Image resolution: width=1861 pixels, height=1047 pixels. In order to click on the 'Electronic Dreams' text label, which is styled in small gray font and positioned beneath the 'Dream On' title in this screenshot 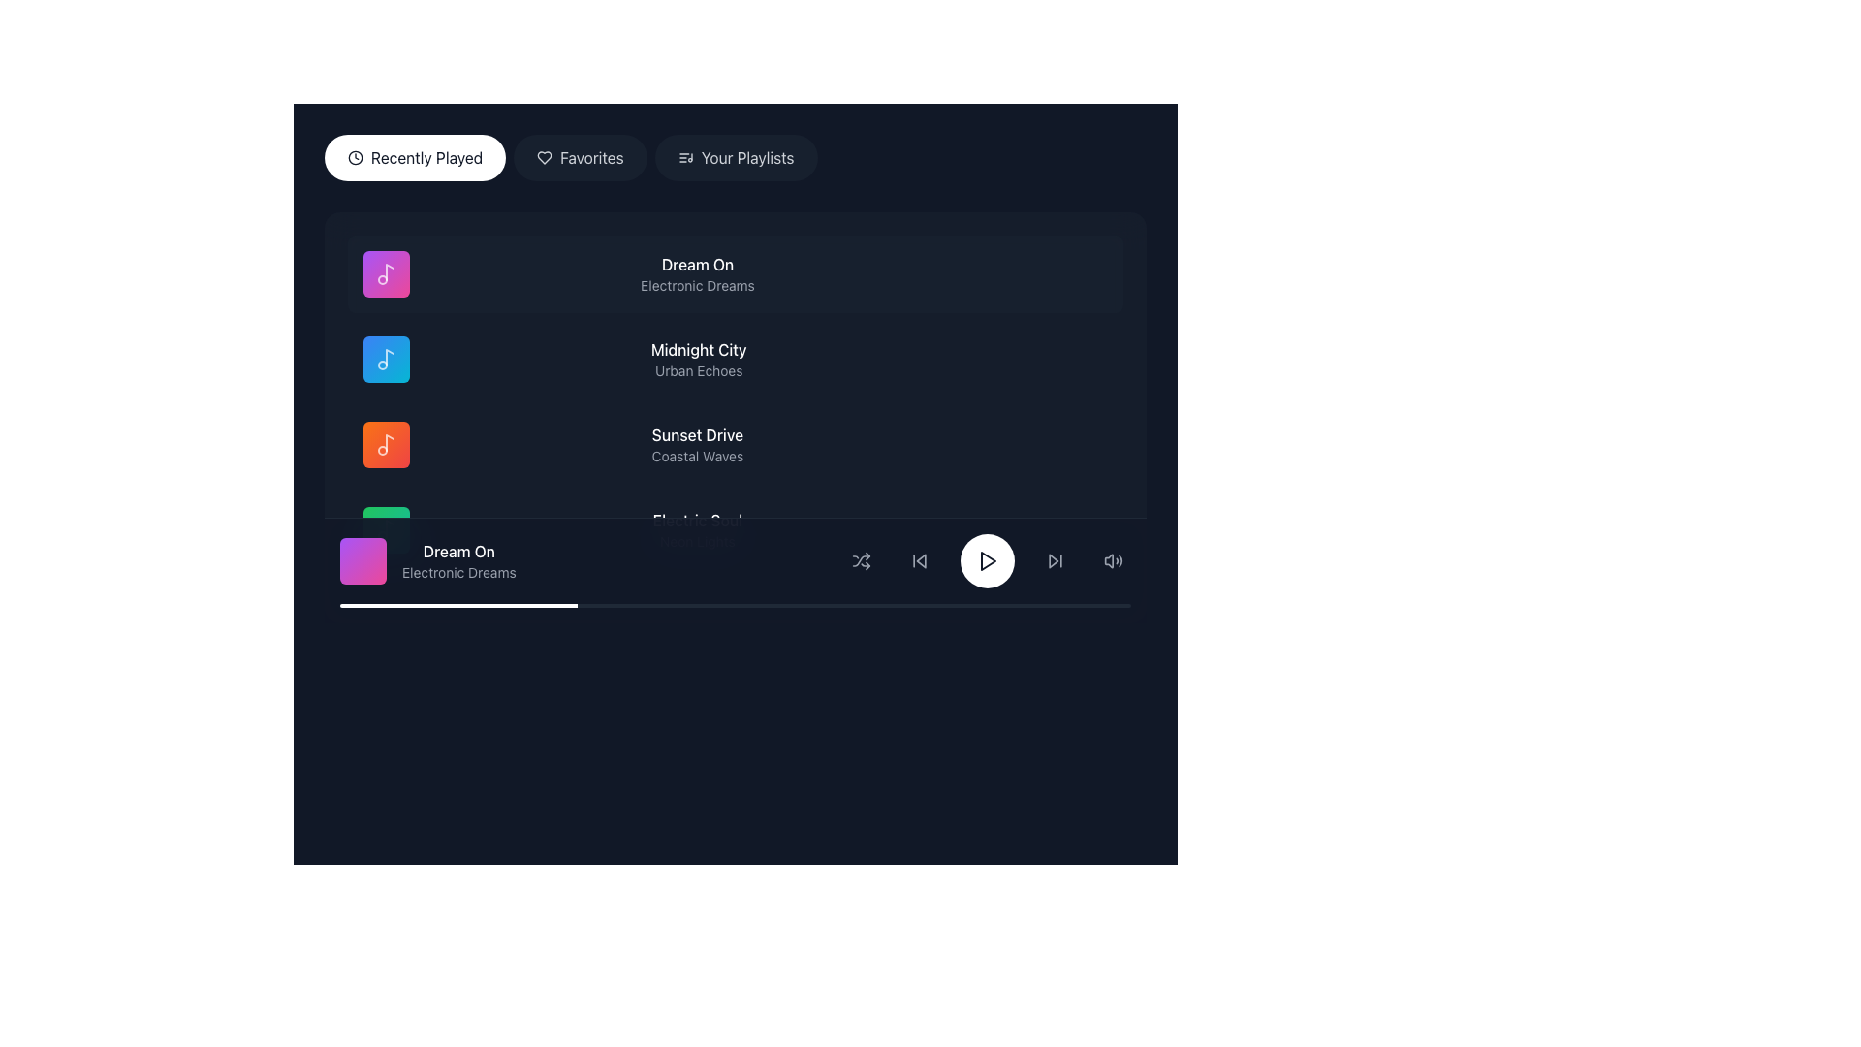, I will do `click(698, 285)`.